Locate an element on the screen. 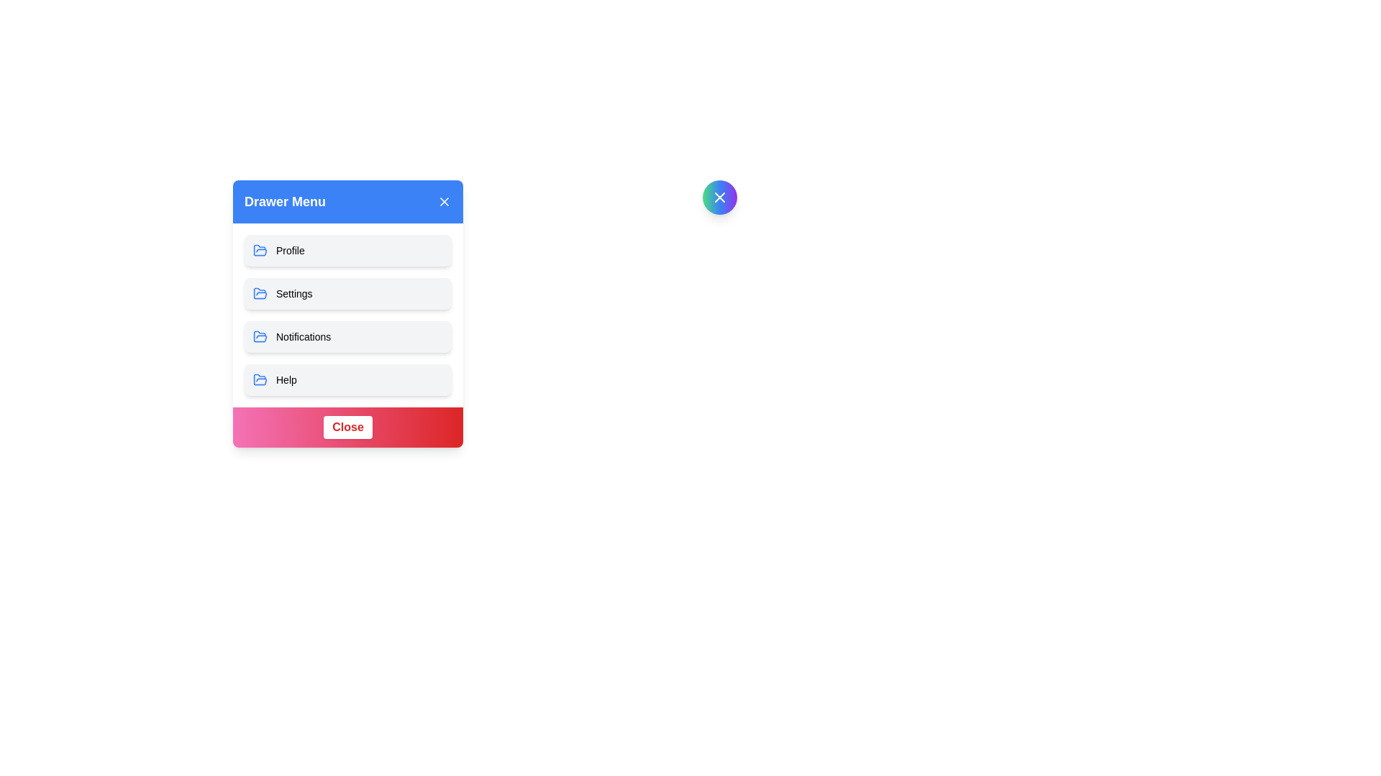 The height and width of the screenshot is (776, 1381). the close button in the top-right corner of the 'Drawer Menu' modal, which is a small square icon with a diagonal cross design is located at coordinates (720, 197).